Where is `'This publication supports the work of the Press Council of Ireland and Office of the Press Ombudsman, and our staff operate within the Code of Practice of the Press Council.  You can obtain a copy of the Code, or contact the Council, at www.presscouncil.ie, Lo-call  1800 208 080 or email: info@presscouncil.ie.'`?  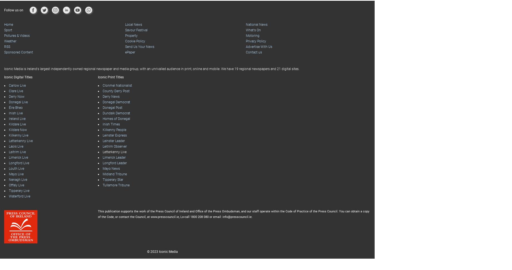
'This publication supports the work of the Press Council of Ireland and Office of the Press Ombudsman, and our staff operate within the Code of Practice of the Press Council.  You can obtain a copy of the Code, or contact the Council, at www.presscouncil.ie, Lo-call  1800 208 080 or email: info@presscouncil.ie.' is located at coordinates (233, 203).